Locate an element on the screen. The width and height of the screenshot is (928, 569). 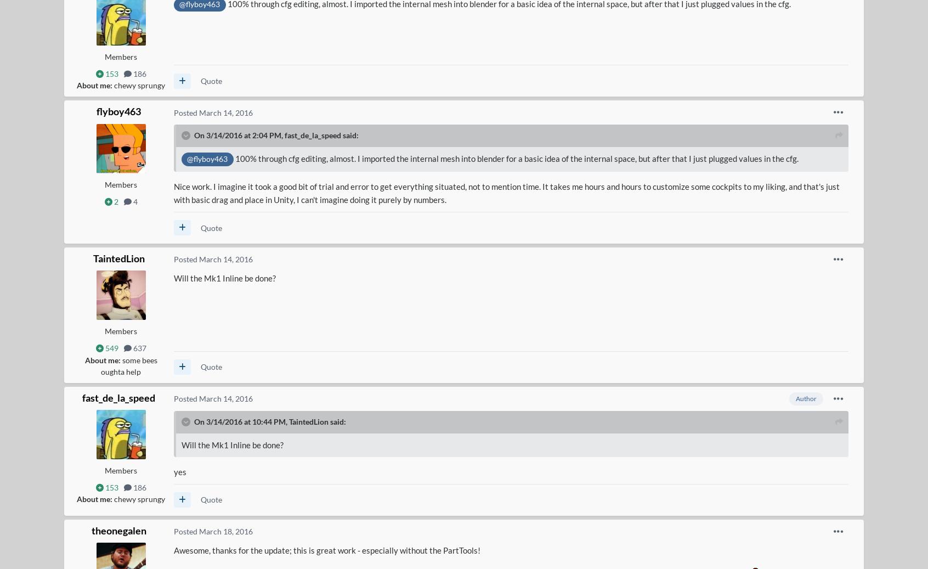
'637' is located at coordinates (138, 348).